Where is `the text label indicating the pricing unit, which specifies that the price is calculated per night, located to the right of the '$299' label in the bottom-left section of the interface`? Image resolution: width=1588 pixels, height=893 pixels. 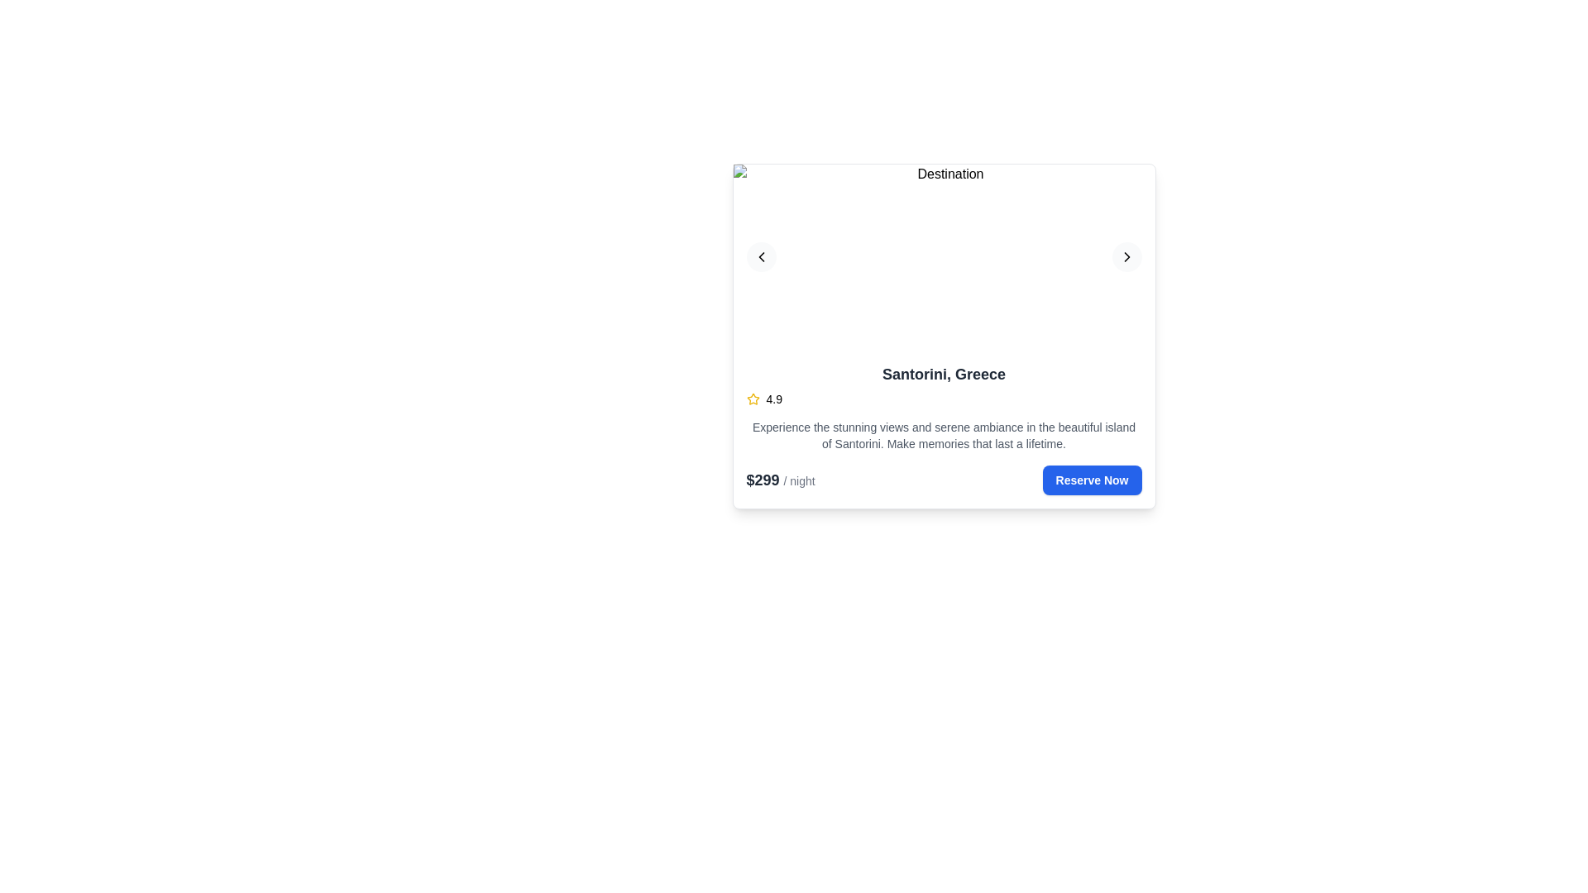 the text label indicating the pricing unit, which specifies that the price is calculated per night, located to the right of the '$299' label in the bottom-left section of the interface is located at coordinates (799, 481).